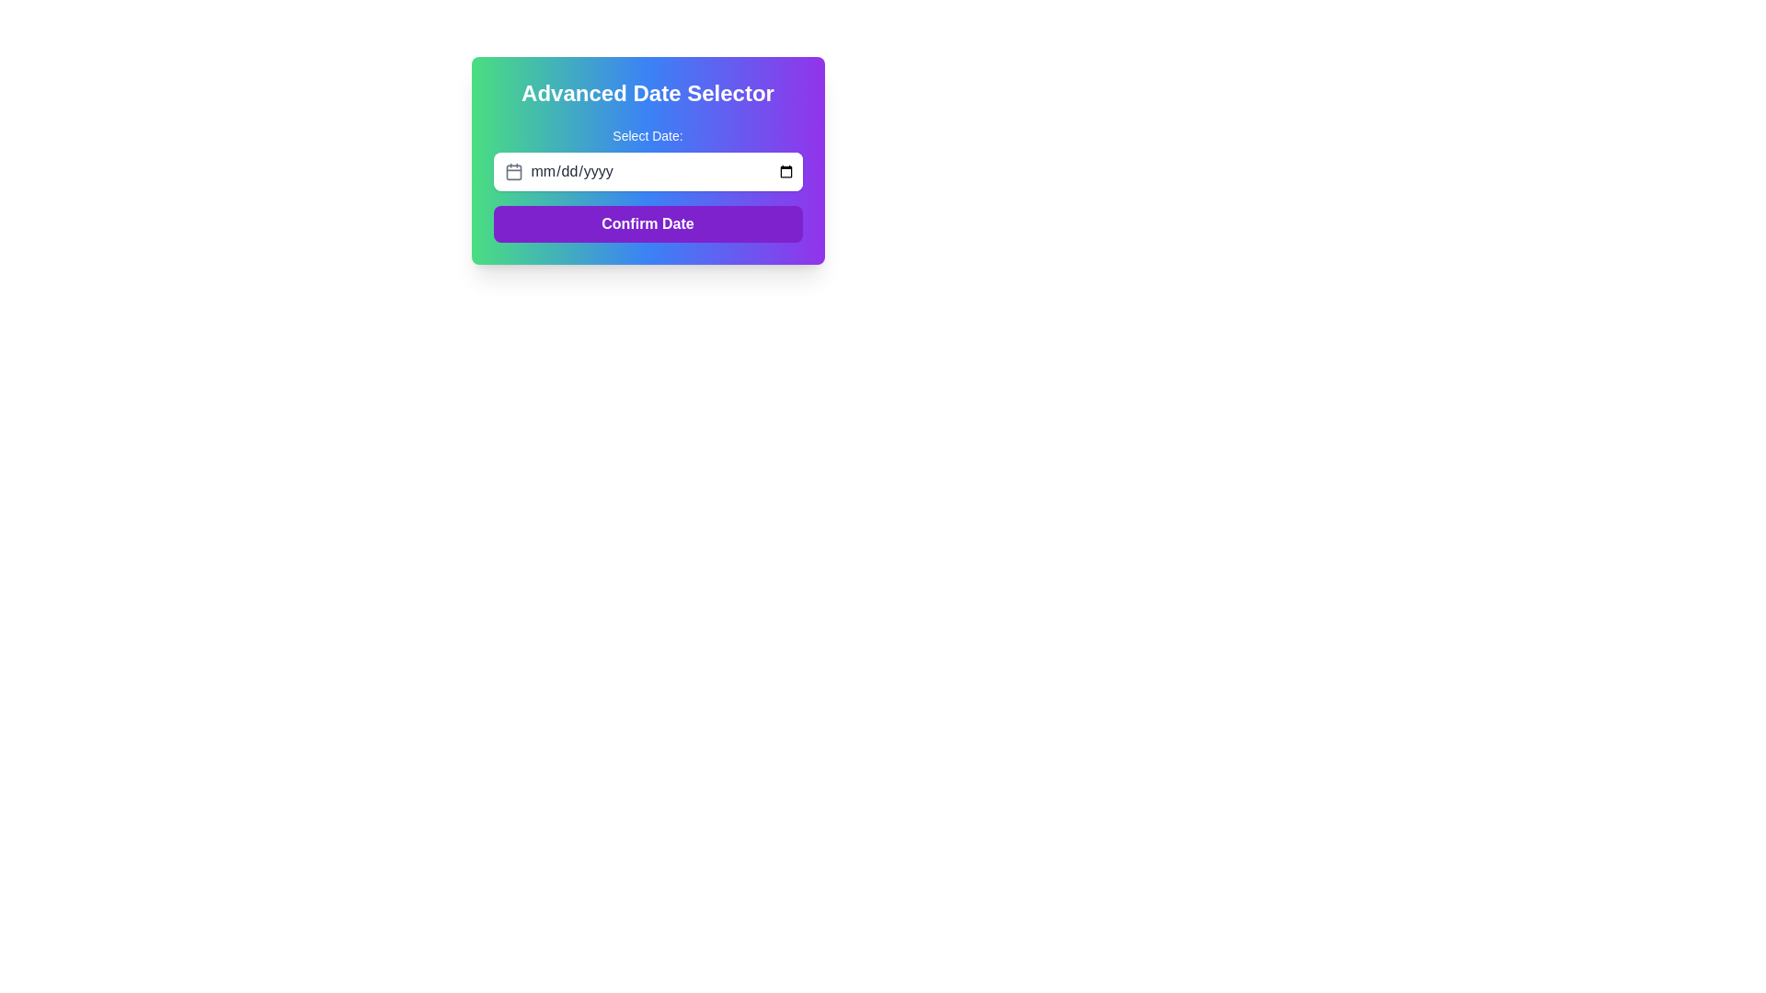  Describe the element at coordinates (513, 172) in the screenshot. I see `the decorative rounded rectangle within the calendar icon, located to the left of the date entry field labeled 'mm/dd/yyyy'` at that location.